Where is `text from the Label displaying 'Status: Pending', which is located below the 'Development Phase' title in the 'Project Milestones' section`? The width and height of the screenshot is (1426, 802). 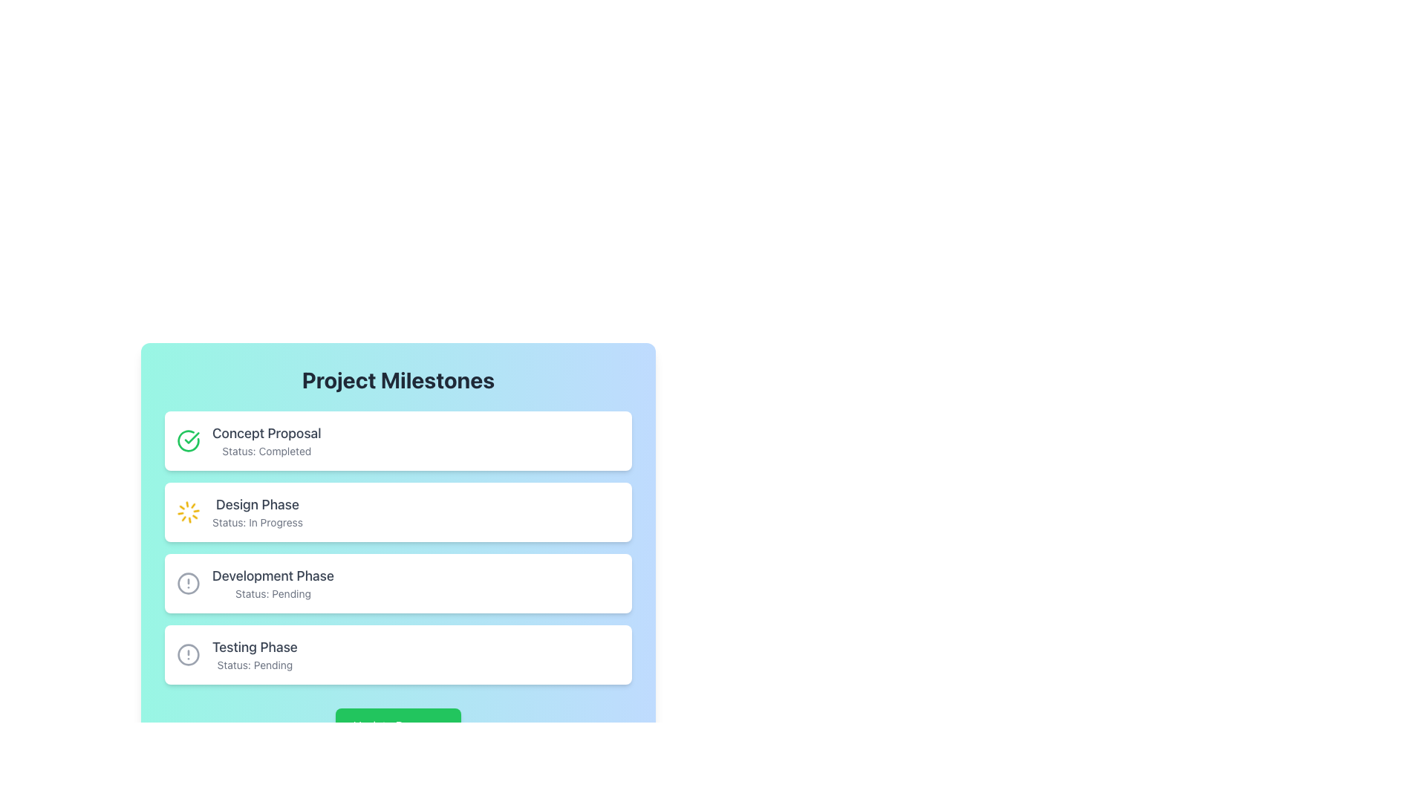
text from the Label displaying 'Status: Pending', which is located below the 'Development Phase' title in the 'Project Milestones' section is located at coordinates (273, 593).